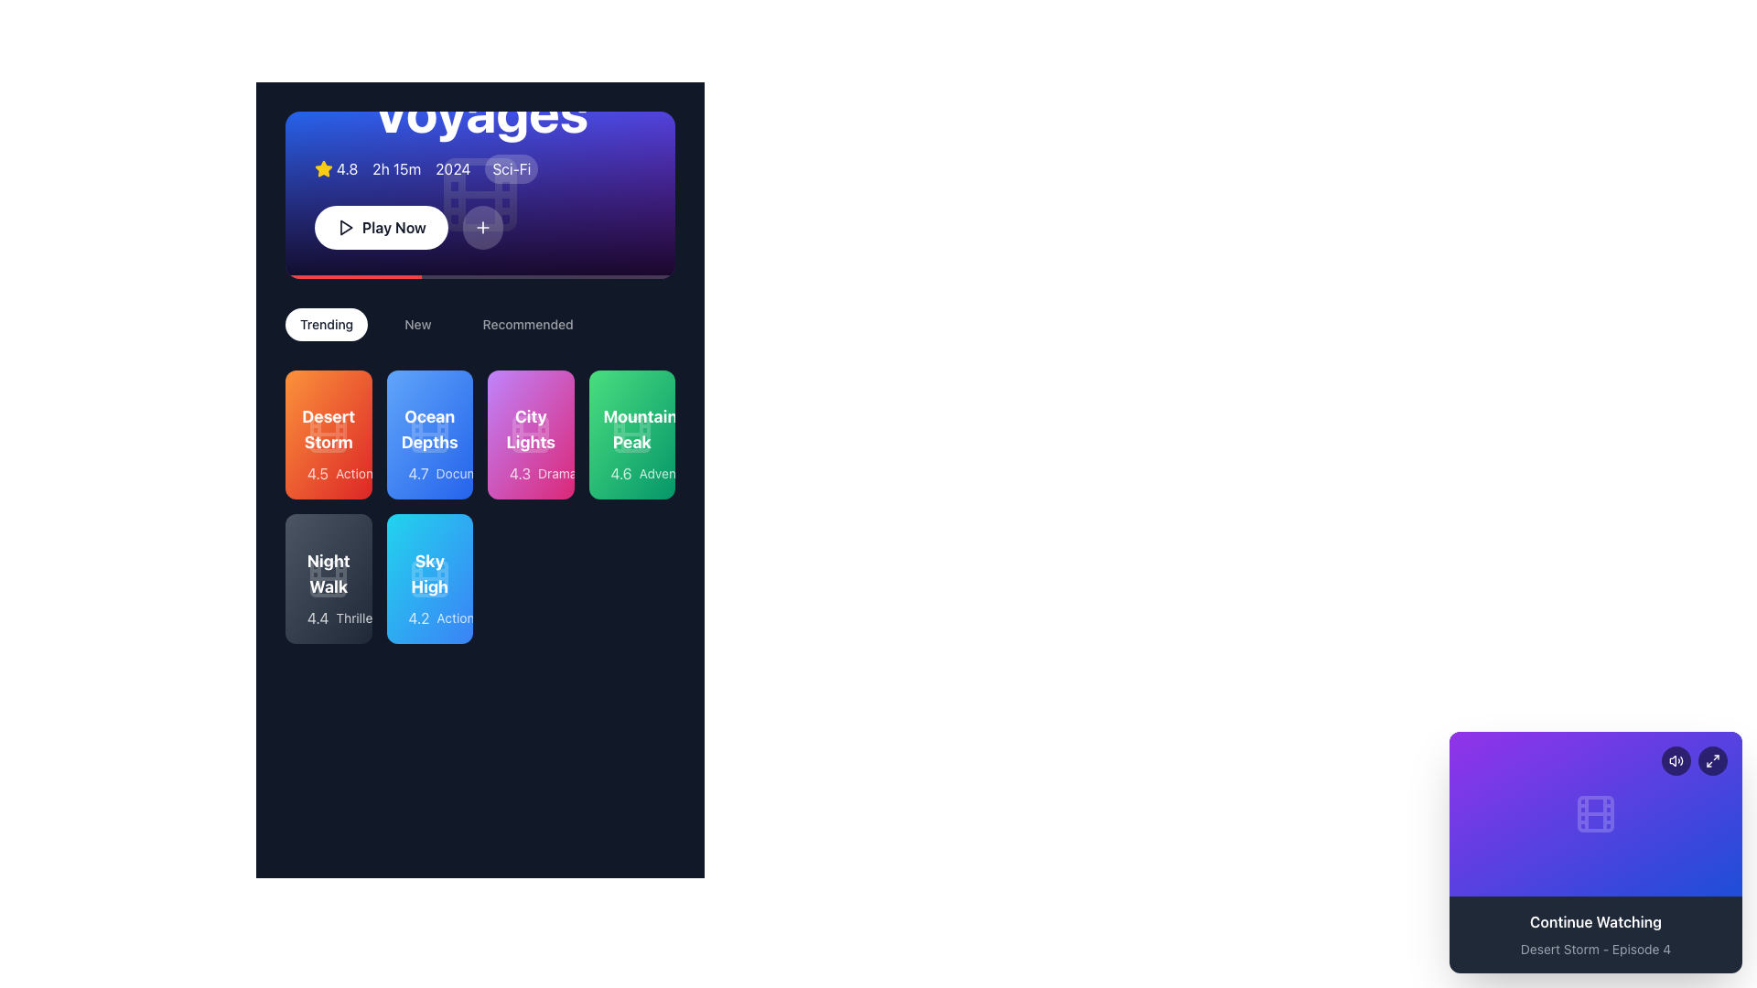 This screenshot has height=988, width=1757. Describe the element at coordinates (482, 226) in the screenshot. I see `the 'Add' button located to the right of the 'Play Now' button` at that location.